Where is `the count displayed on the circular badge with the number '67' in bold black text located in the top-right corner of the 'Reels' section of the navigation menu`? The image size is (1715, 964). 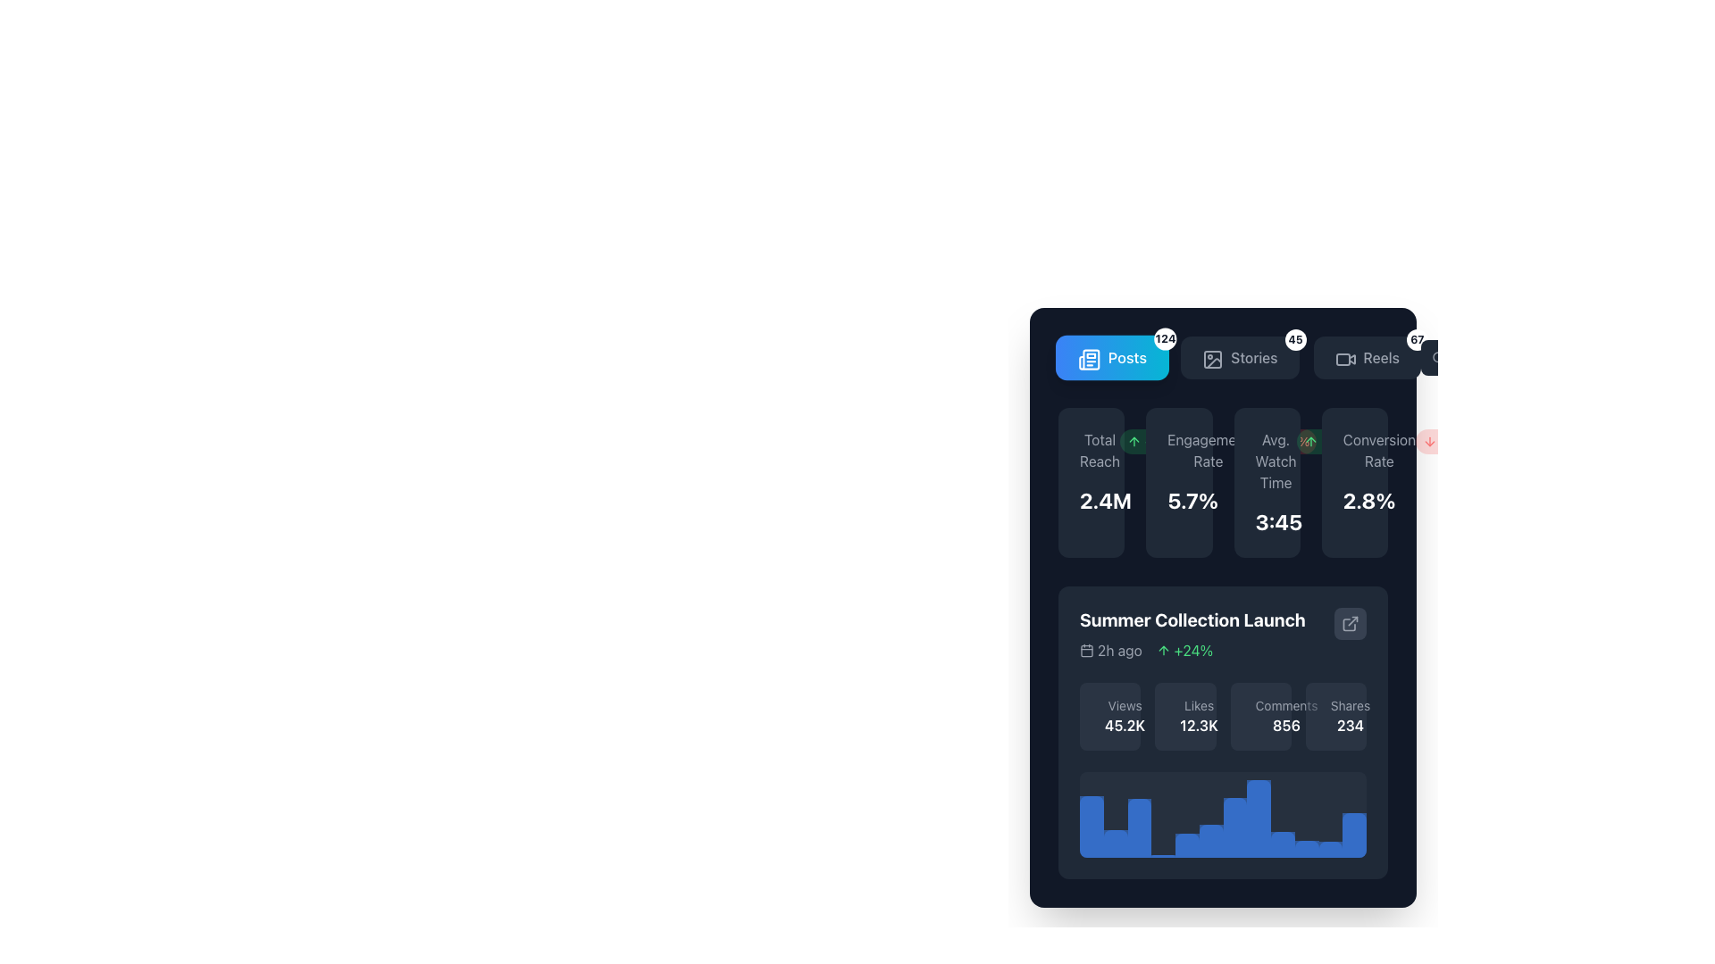 the count displayed on the circular badge with the number '67' in bold black text located in the top-right corner of the 'Reels' section of the navigation menu is located at coordinates (1416, 340).